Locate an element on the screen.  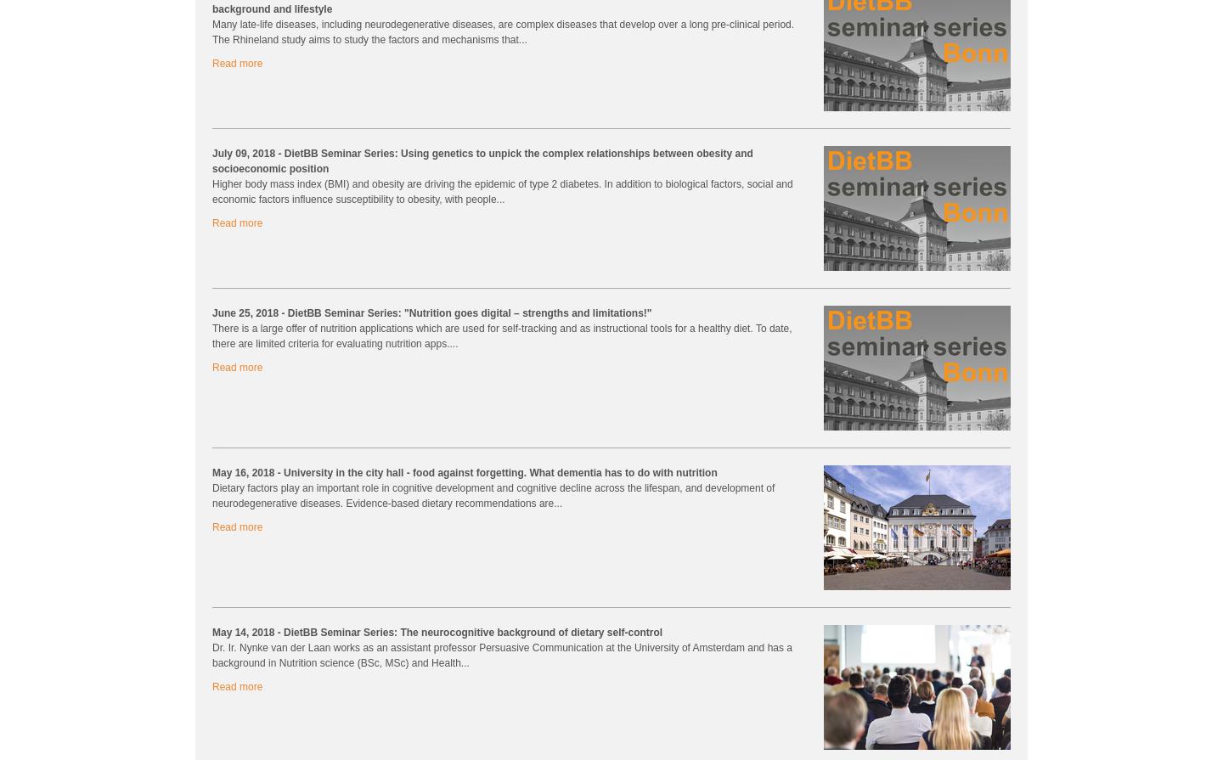
'July 09, 2018' is located at coordinates (244, 152).